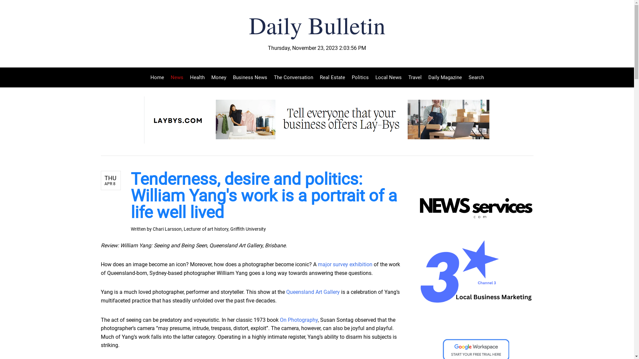  Describe the element at coordinates (167, 77) in the screenshot. I see `'News'` at that location.